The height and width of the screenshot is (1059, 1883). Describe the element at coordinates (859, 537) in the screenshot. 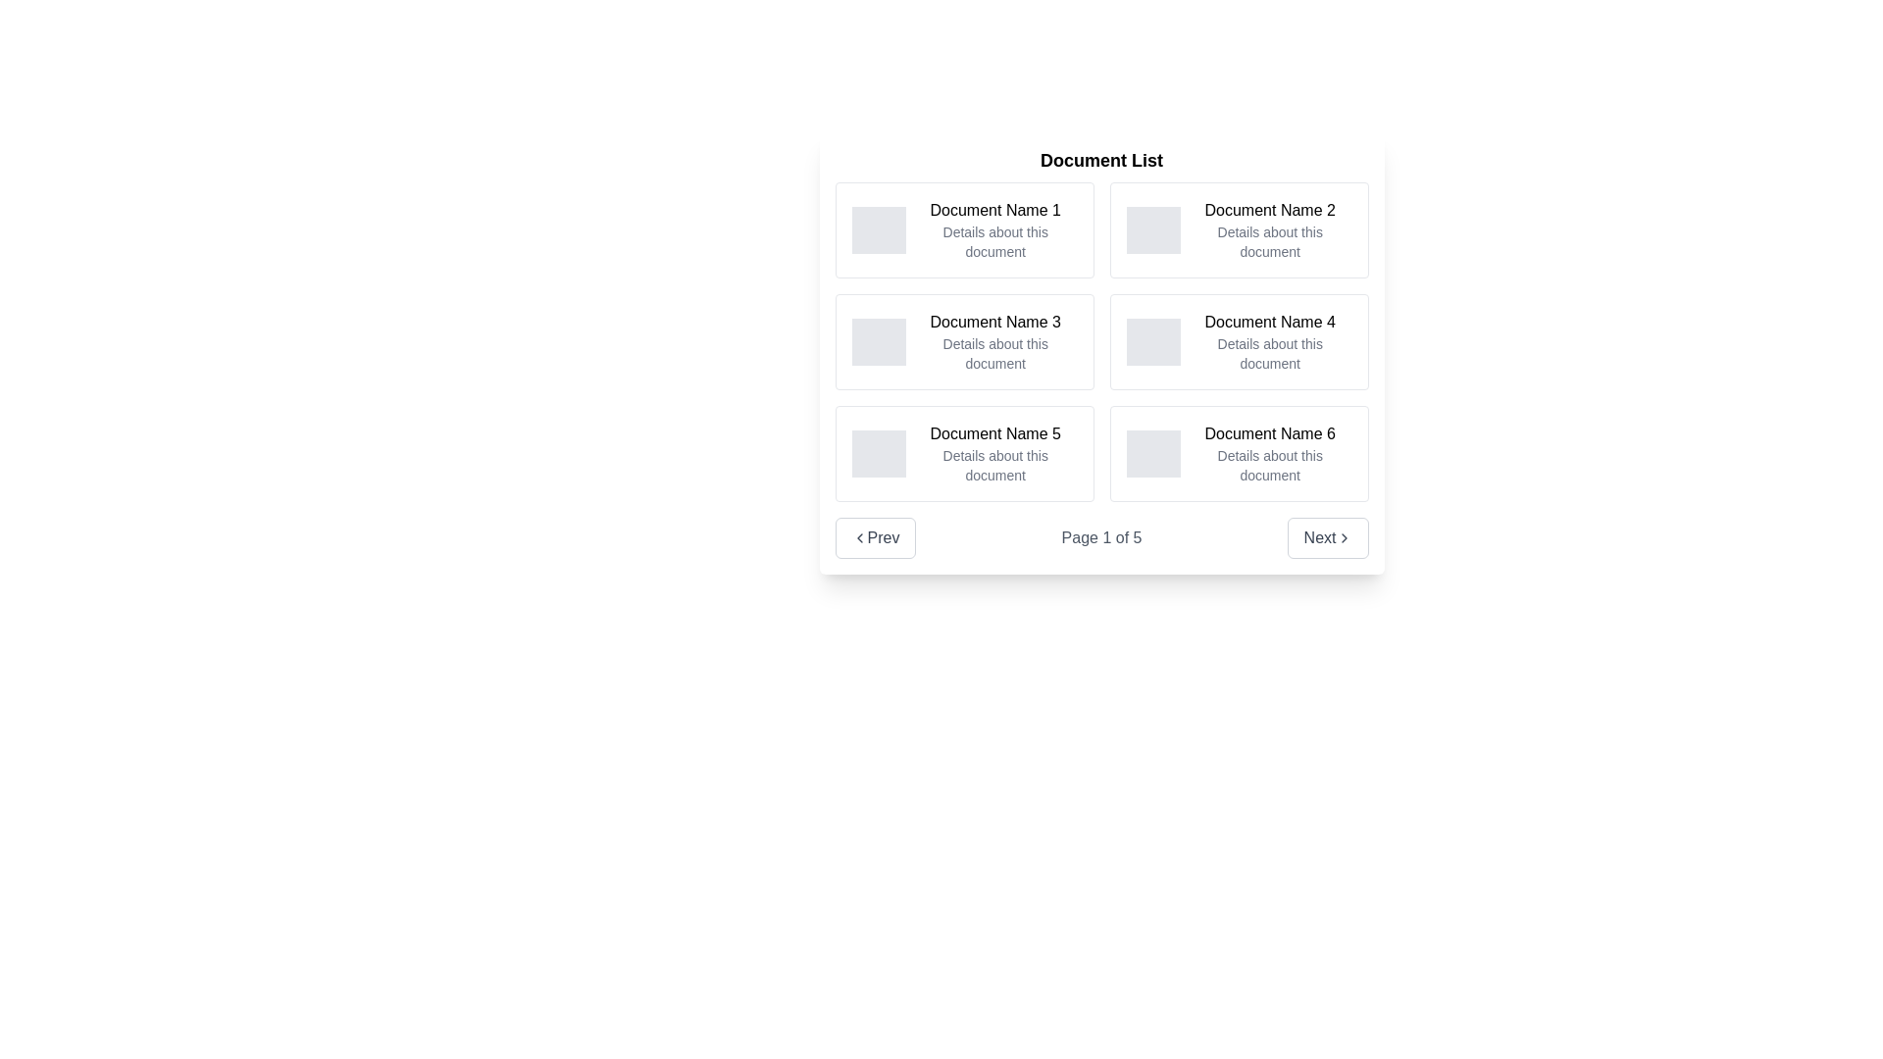

I see `the left-pointing chevron icon inside the 'Prev' button at the bottom left corner of the document list interface` at that location.